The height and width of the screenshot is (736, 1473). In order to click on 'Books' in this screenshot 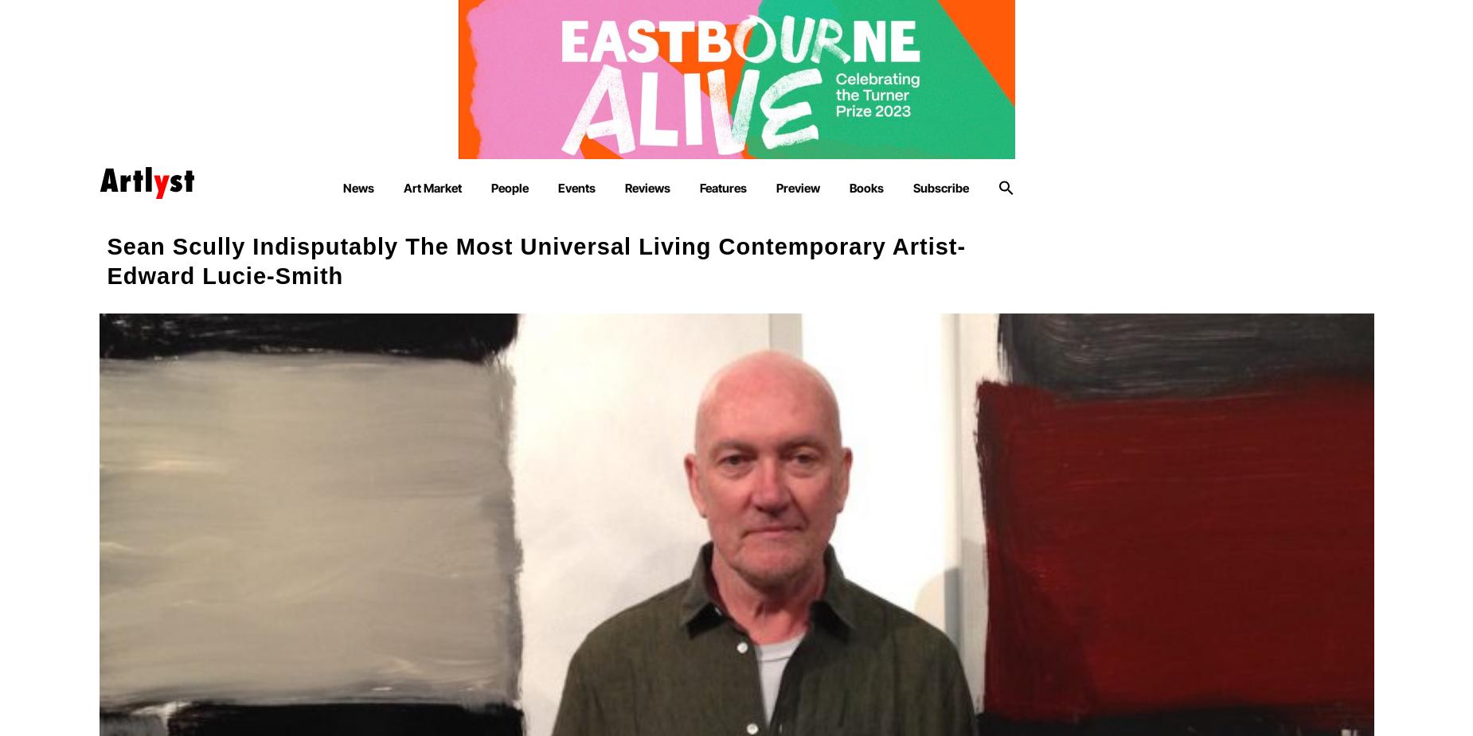, I will do `click(865, 187)`.